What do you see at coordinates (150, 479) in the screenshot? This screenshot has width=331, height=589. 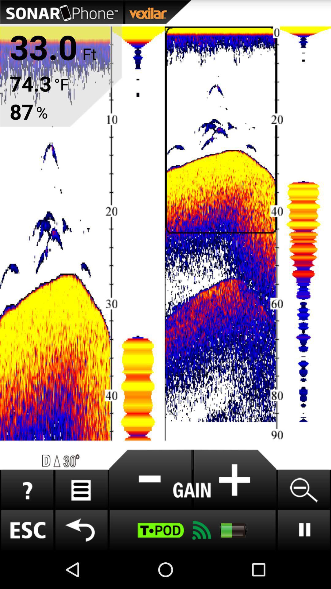 I see `choose the selection` at bounding box center [150, 479].